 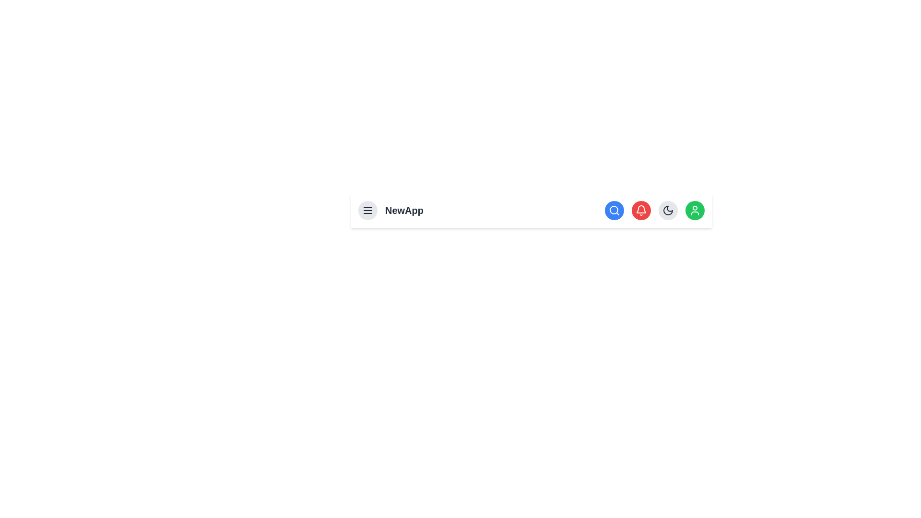 I want to click on the title text 'NewApp', so click(x=404, y=210).